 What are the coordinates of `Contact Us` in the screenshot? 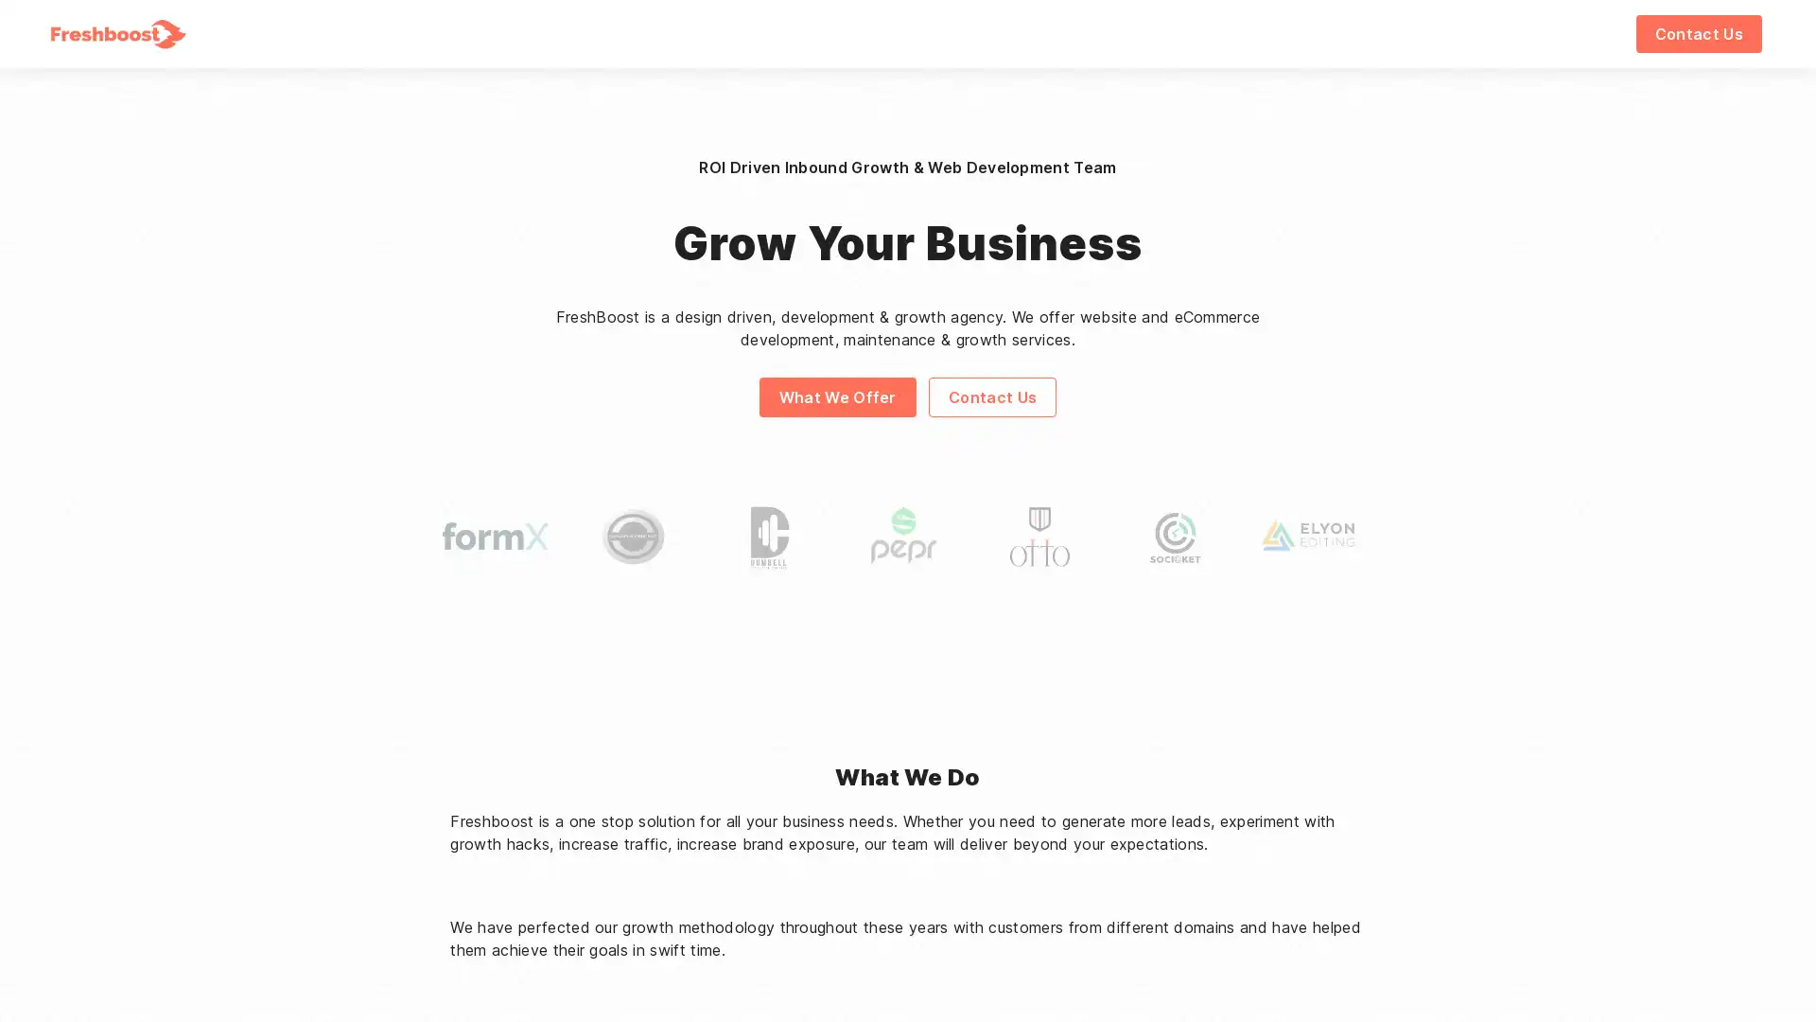 It's located at (991, 396).